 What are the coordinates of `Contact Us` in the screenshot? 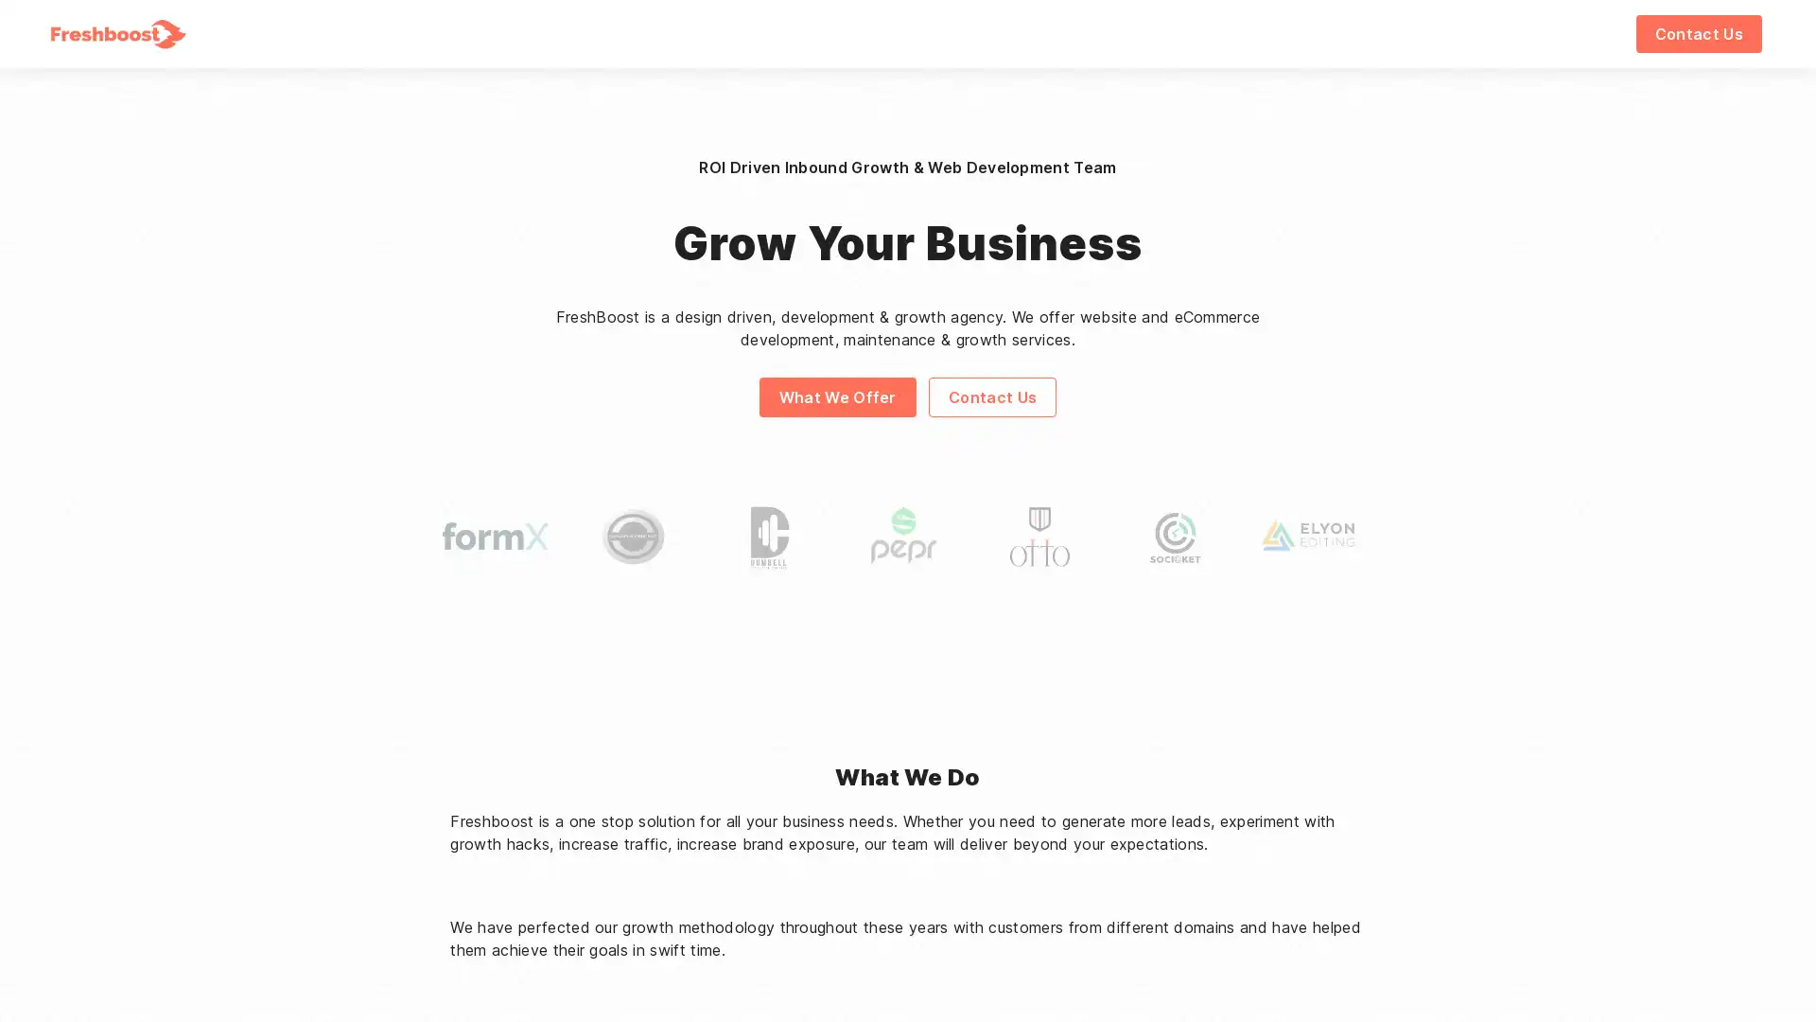 It's located at (991, 396).